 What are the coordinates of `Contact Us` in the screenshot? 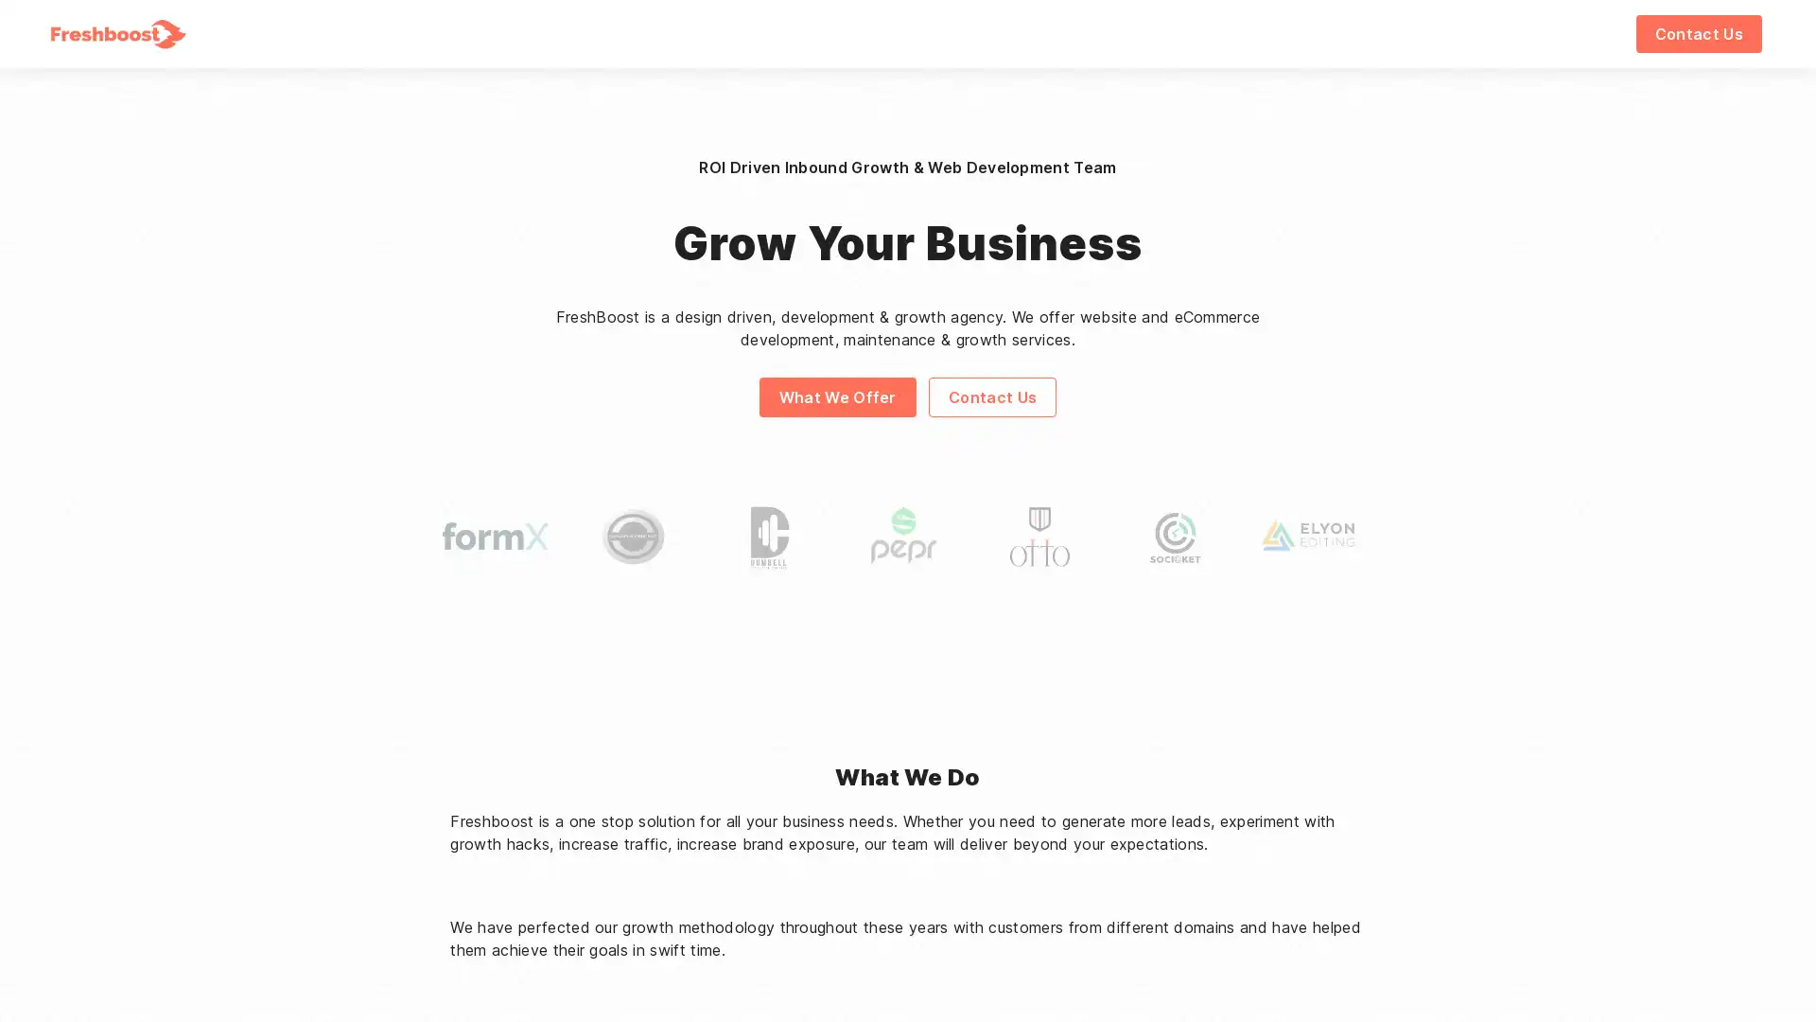 It's located at (991, 396).